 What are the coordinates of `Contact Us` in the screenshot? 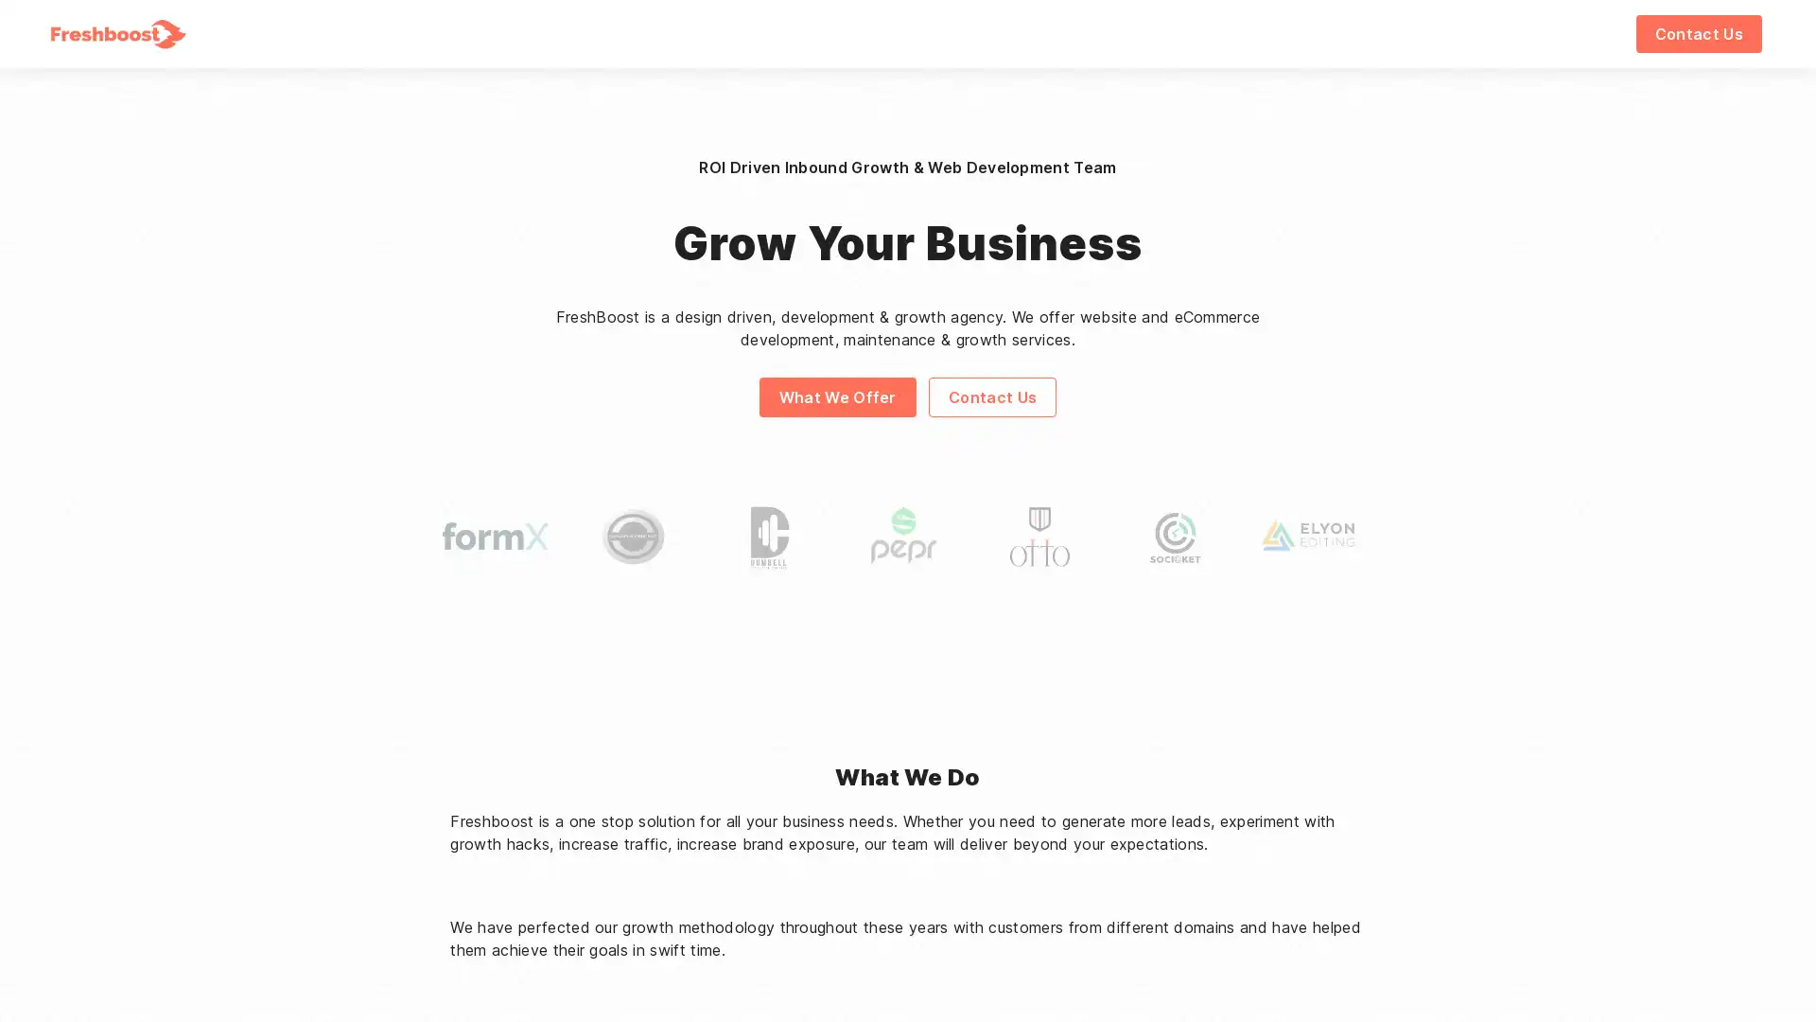 It's located at (991, 396).